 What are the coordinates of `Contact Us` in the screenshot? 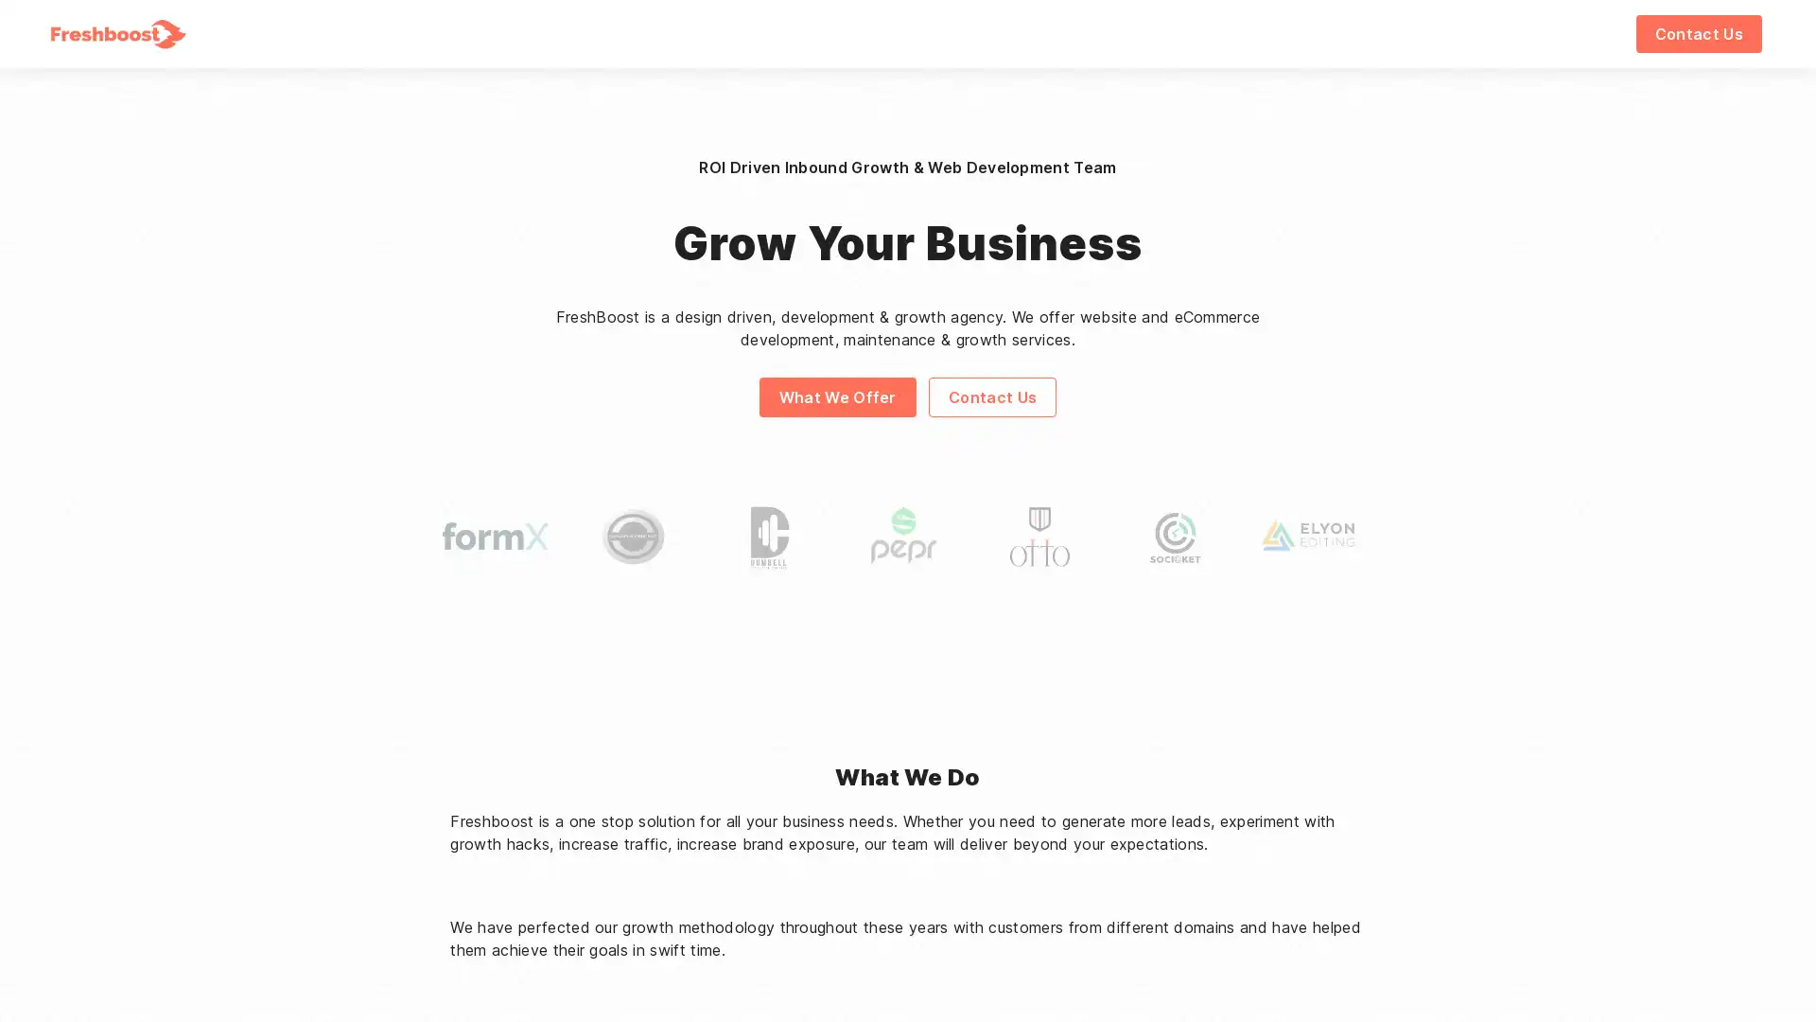 It's located at (991, 396).